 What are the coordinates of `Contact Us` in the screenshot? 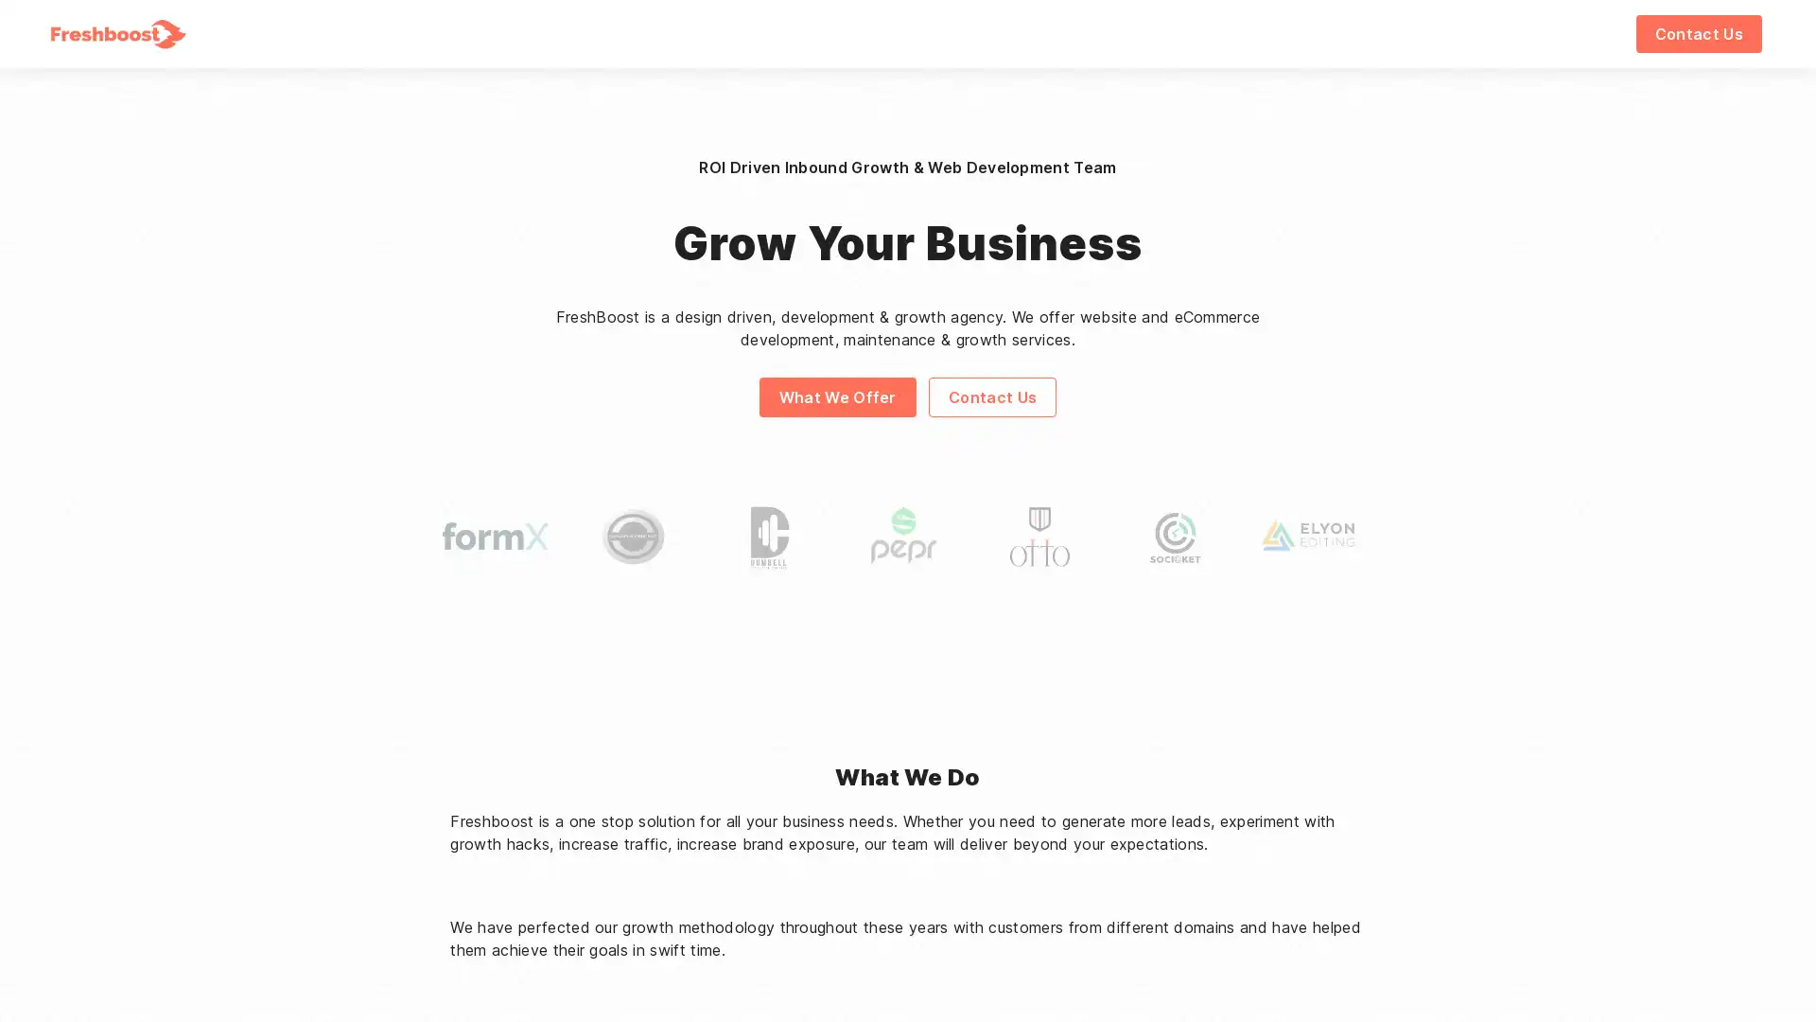 It's located at (991, 396).